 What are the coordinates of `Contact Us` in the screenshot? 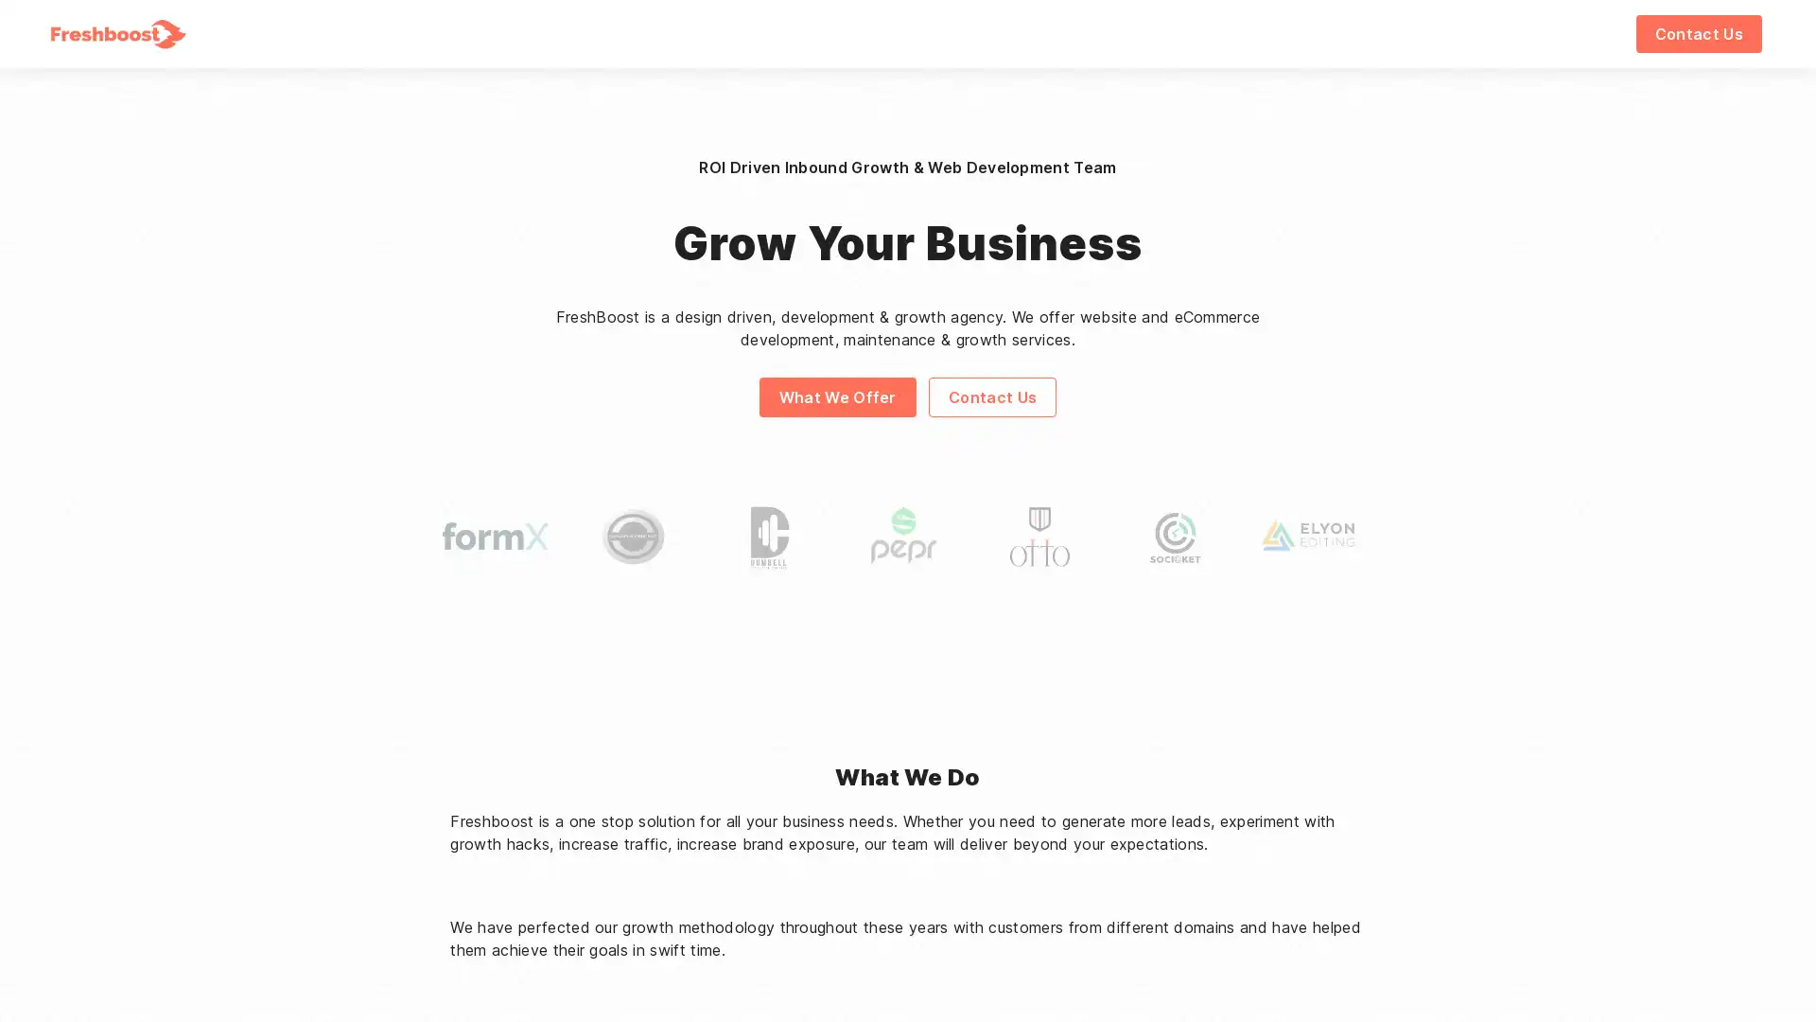 It's located at (991, 396).